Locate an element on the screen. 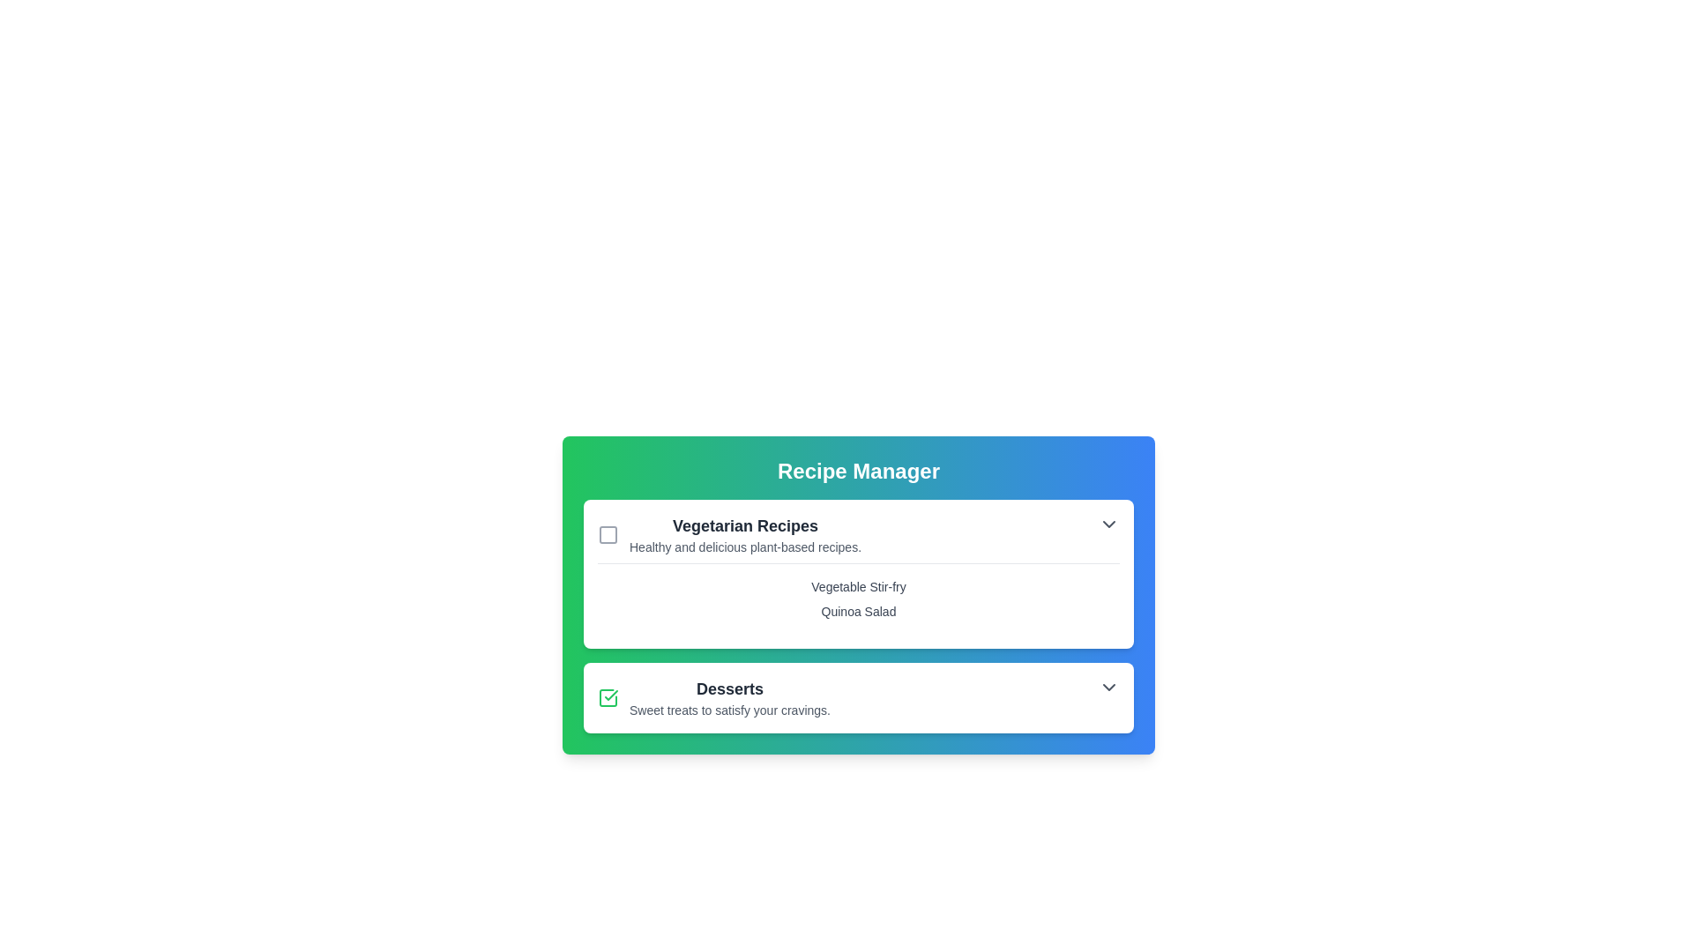 The height and width of the screenshot is (952, 1693). the checkbox associated with the 'Desserts' category located at the bottom section of the panel is located at coordinates (608, 696).